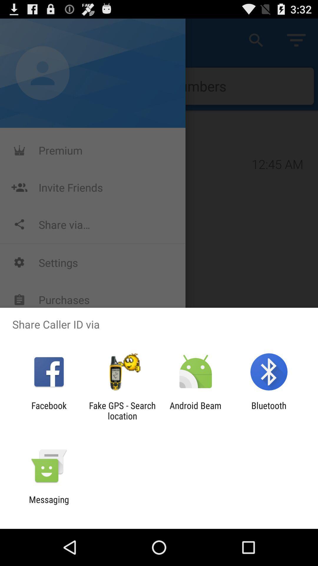 Image resolution: width=318 pixels, height=566 pixels. What do you see at coordinates (196, 410) in the screenshot?
I see `the app next to the fake gps search icon` at bounding box center [196, 410].